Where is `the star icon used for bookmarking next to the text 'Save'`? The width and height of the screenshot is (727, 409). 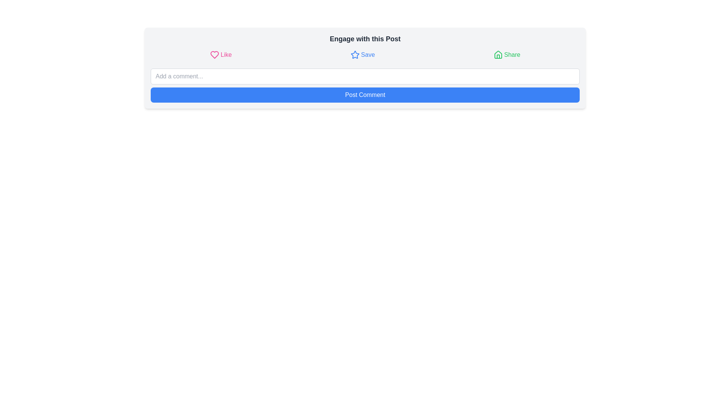 the star icon used for bookmarking next to the text 'Save' is located at coordinates (354, 55).